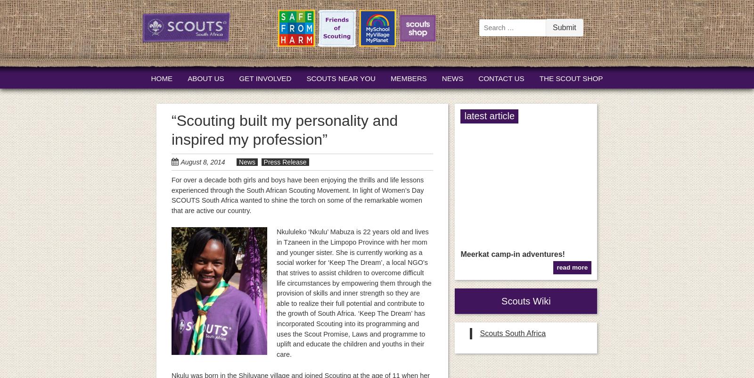 This screenshot has width=754, height=378. I want to click on 'Scouts Wiki', so click(526, 301).